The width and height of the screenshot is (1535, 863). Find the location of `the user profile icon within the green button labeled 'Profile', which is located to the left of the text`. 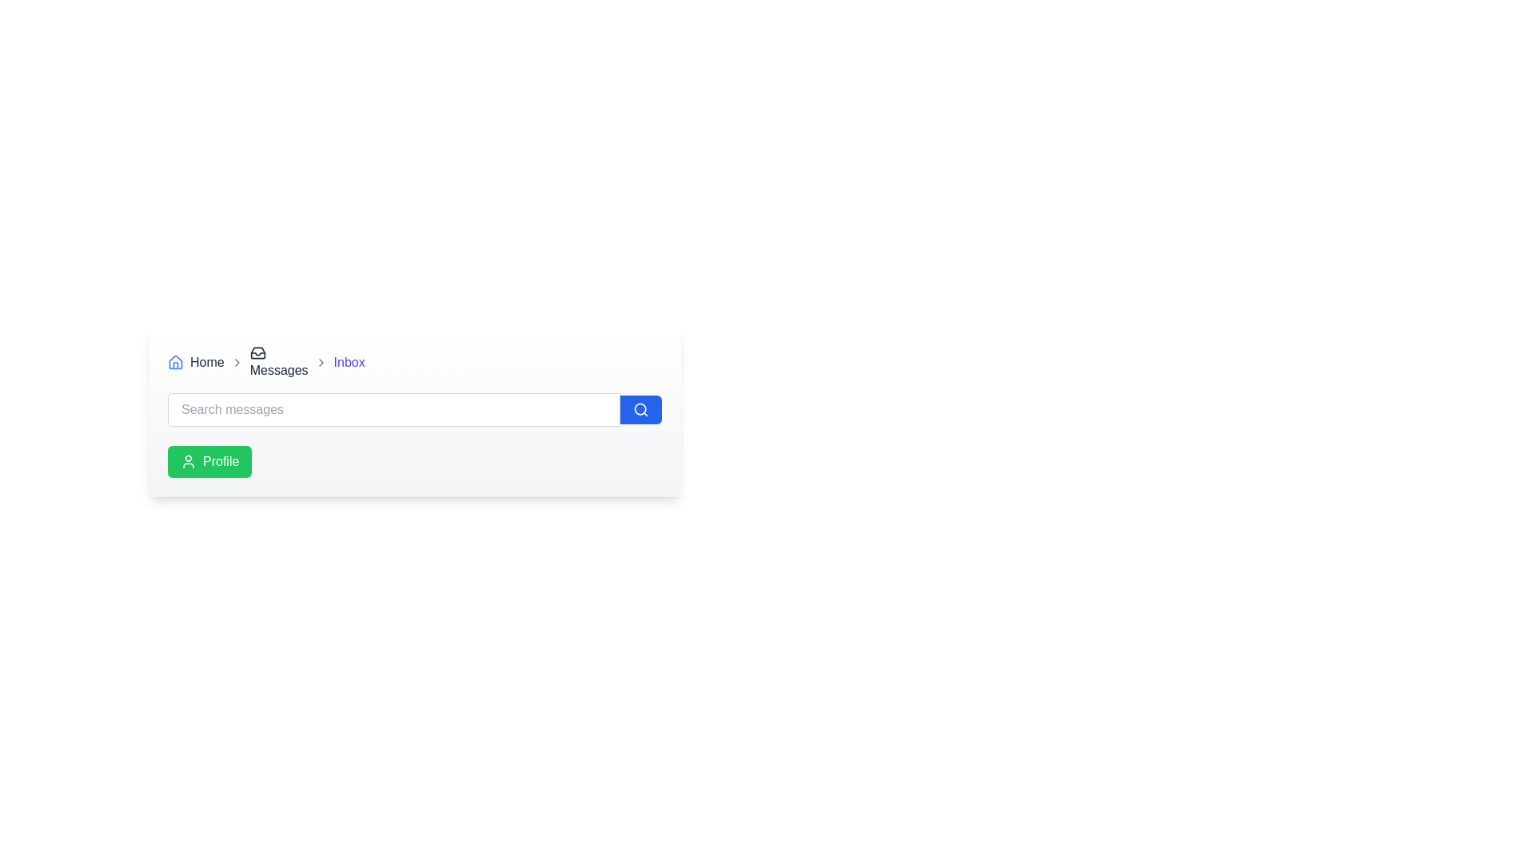

the user profile icon within the green button labeled 'Profile', which is located to the left of the text is located at coordinates (188, 462).